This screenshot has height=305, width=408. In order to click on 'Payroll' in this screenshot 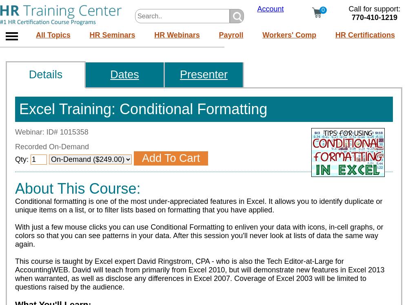, I will do `click(219, 34)`.